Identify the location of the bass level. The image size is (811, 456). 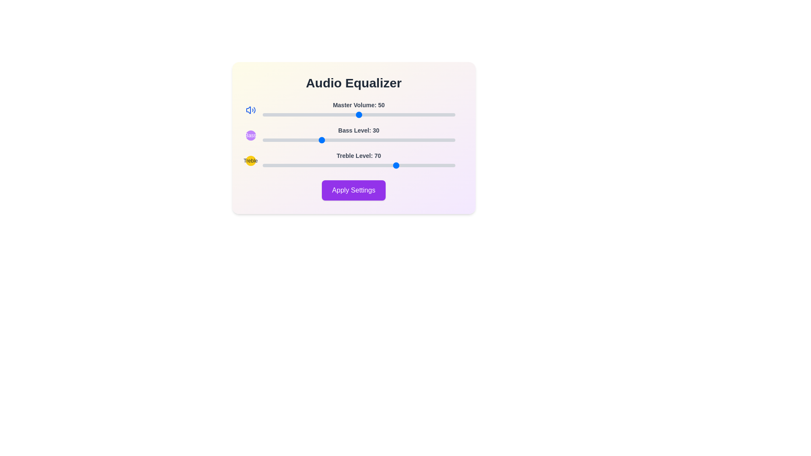
(379, 139).